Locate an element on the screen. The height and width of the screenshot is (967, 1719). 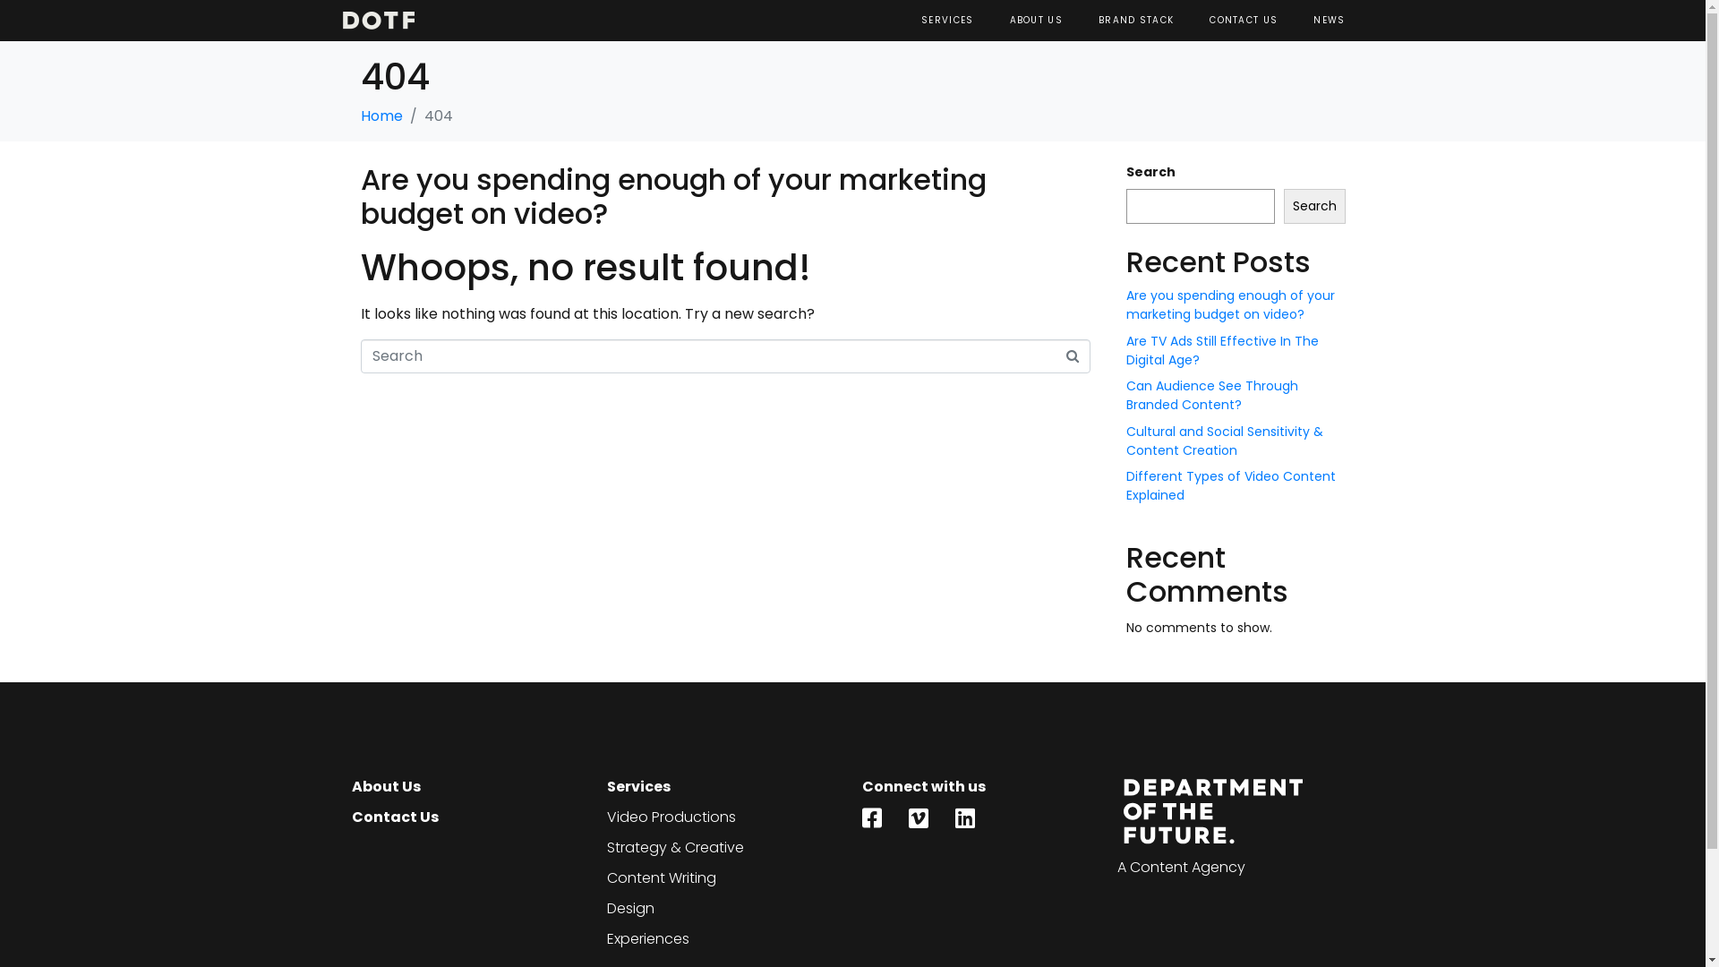
'Are you spending enough of your marketing budget on video?' is located at coordinates (1229, 304).